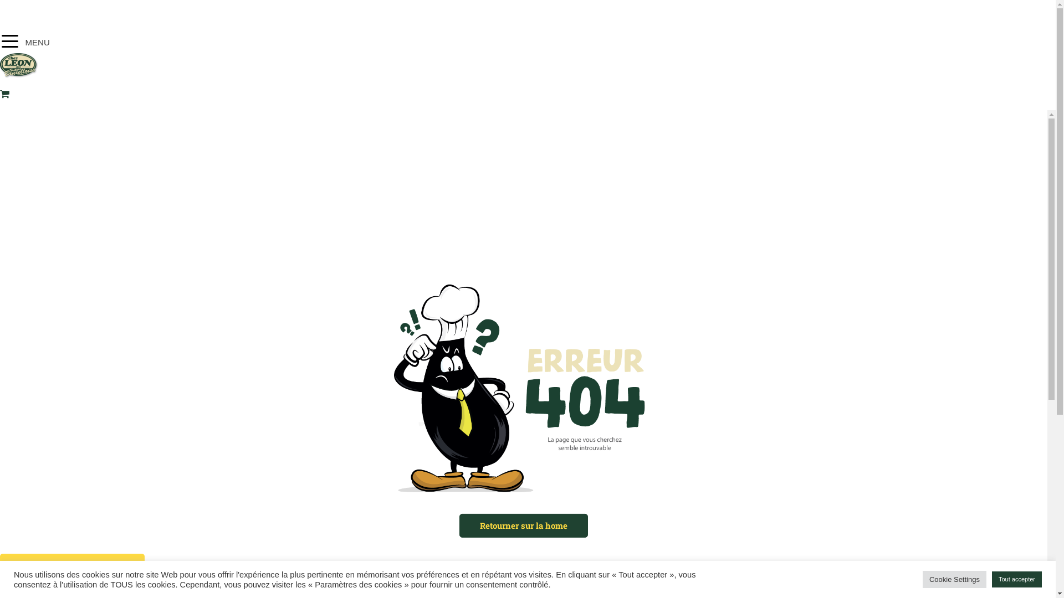 The image size is (1064, 598). Describe the element at coordinates (25, 39) in the screenshot. I see `'MENU'` at that location.